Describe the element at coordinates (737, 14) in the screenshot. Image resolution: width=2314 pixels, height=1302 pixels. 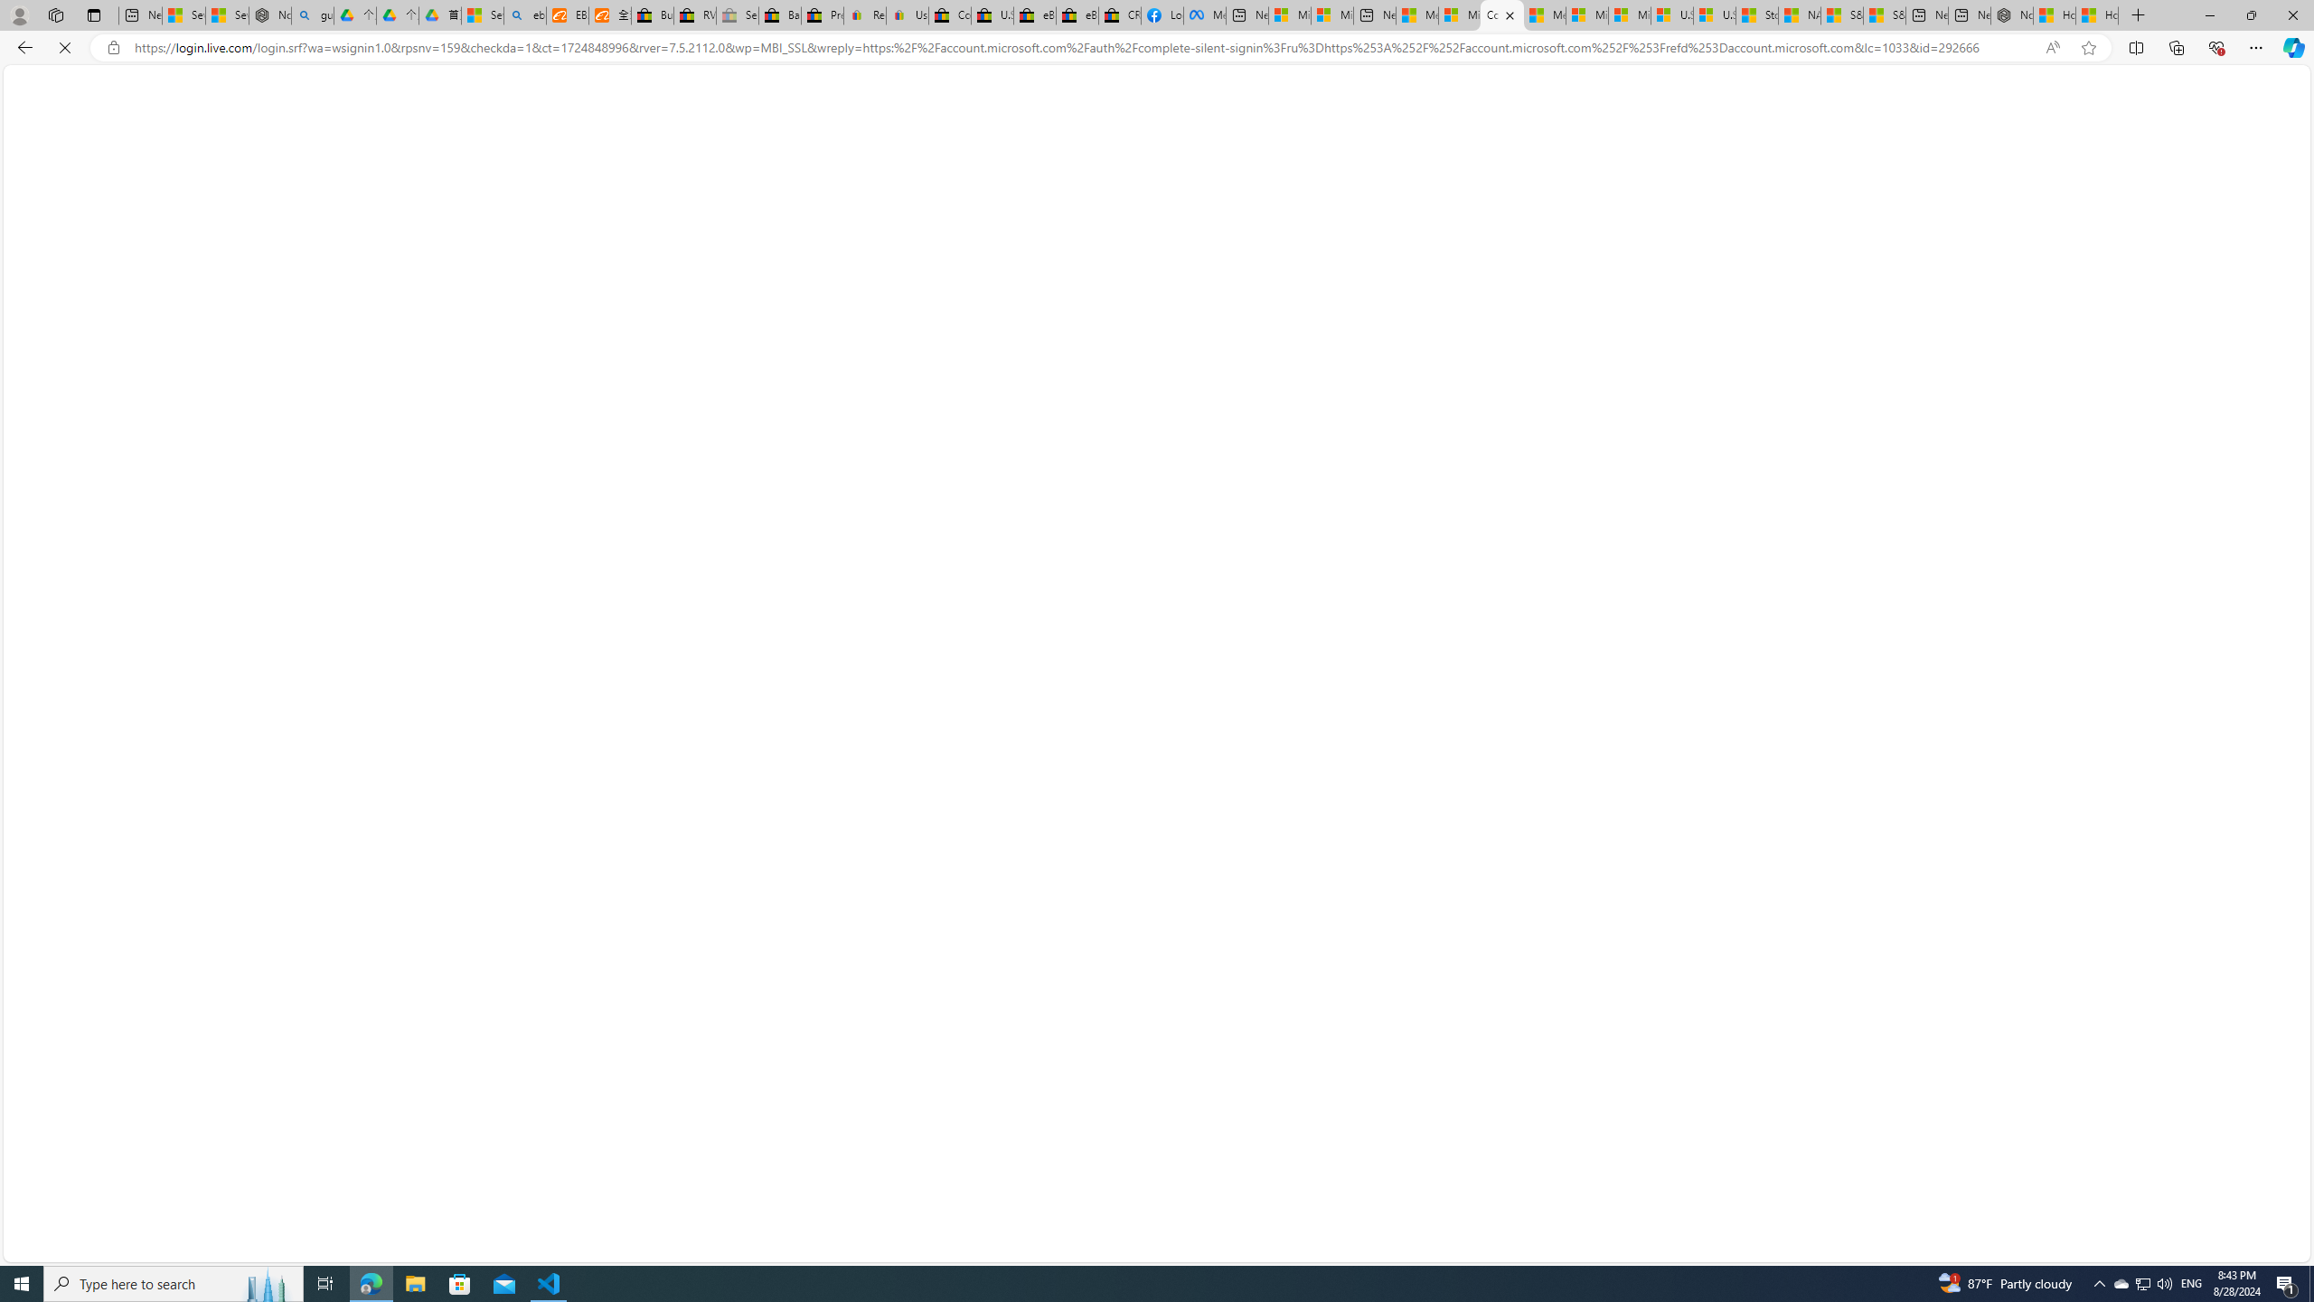
I see `'Sell worldwide with eBay - Sleeping'` at that location.